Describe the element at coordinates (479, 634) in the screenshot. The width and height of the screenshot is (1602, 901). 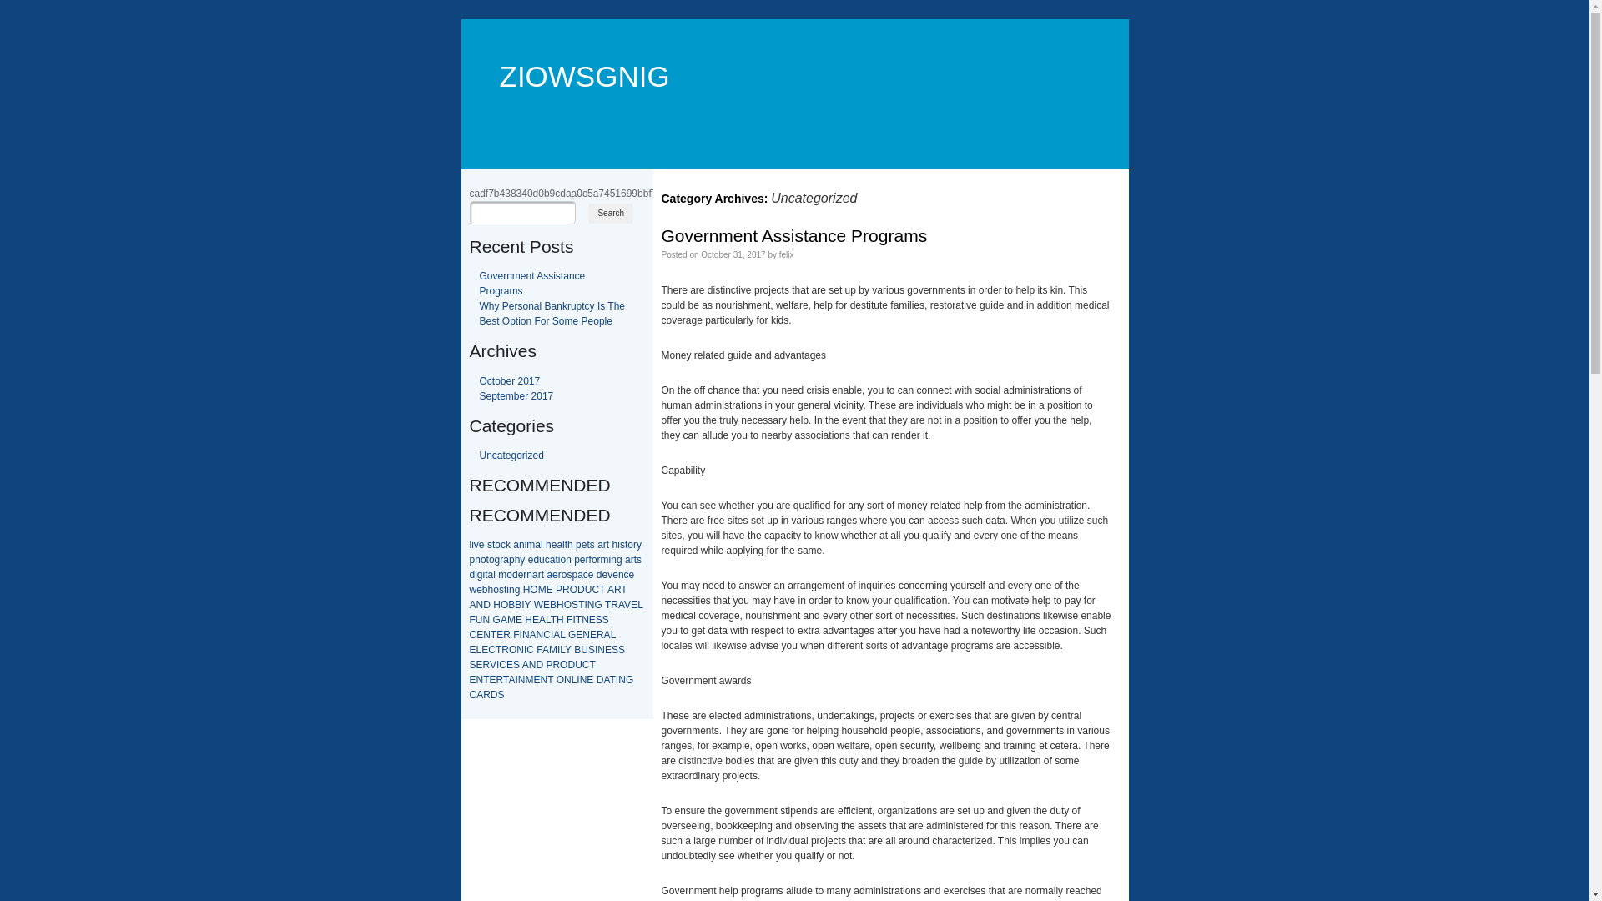
I see `'E'` at that location.